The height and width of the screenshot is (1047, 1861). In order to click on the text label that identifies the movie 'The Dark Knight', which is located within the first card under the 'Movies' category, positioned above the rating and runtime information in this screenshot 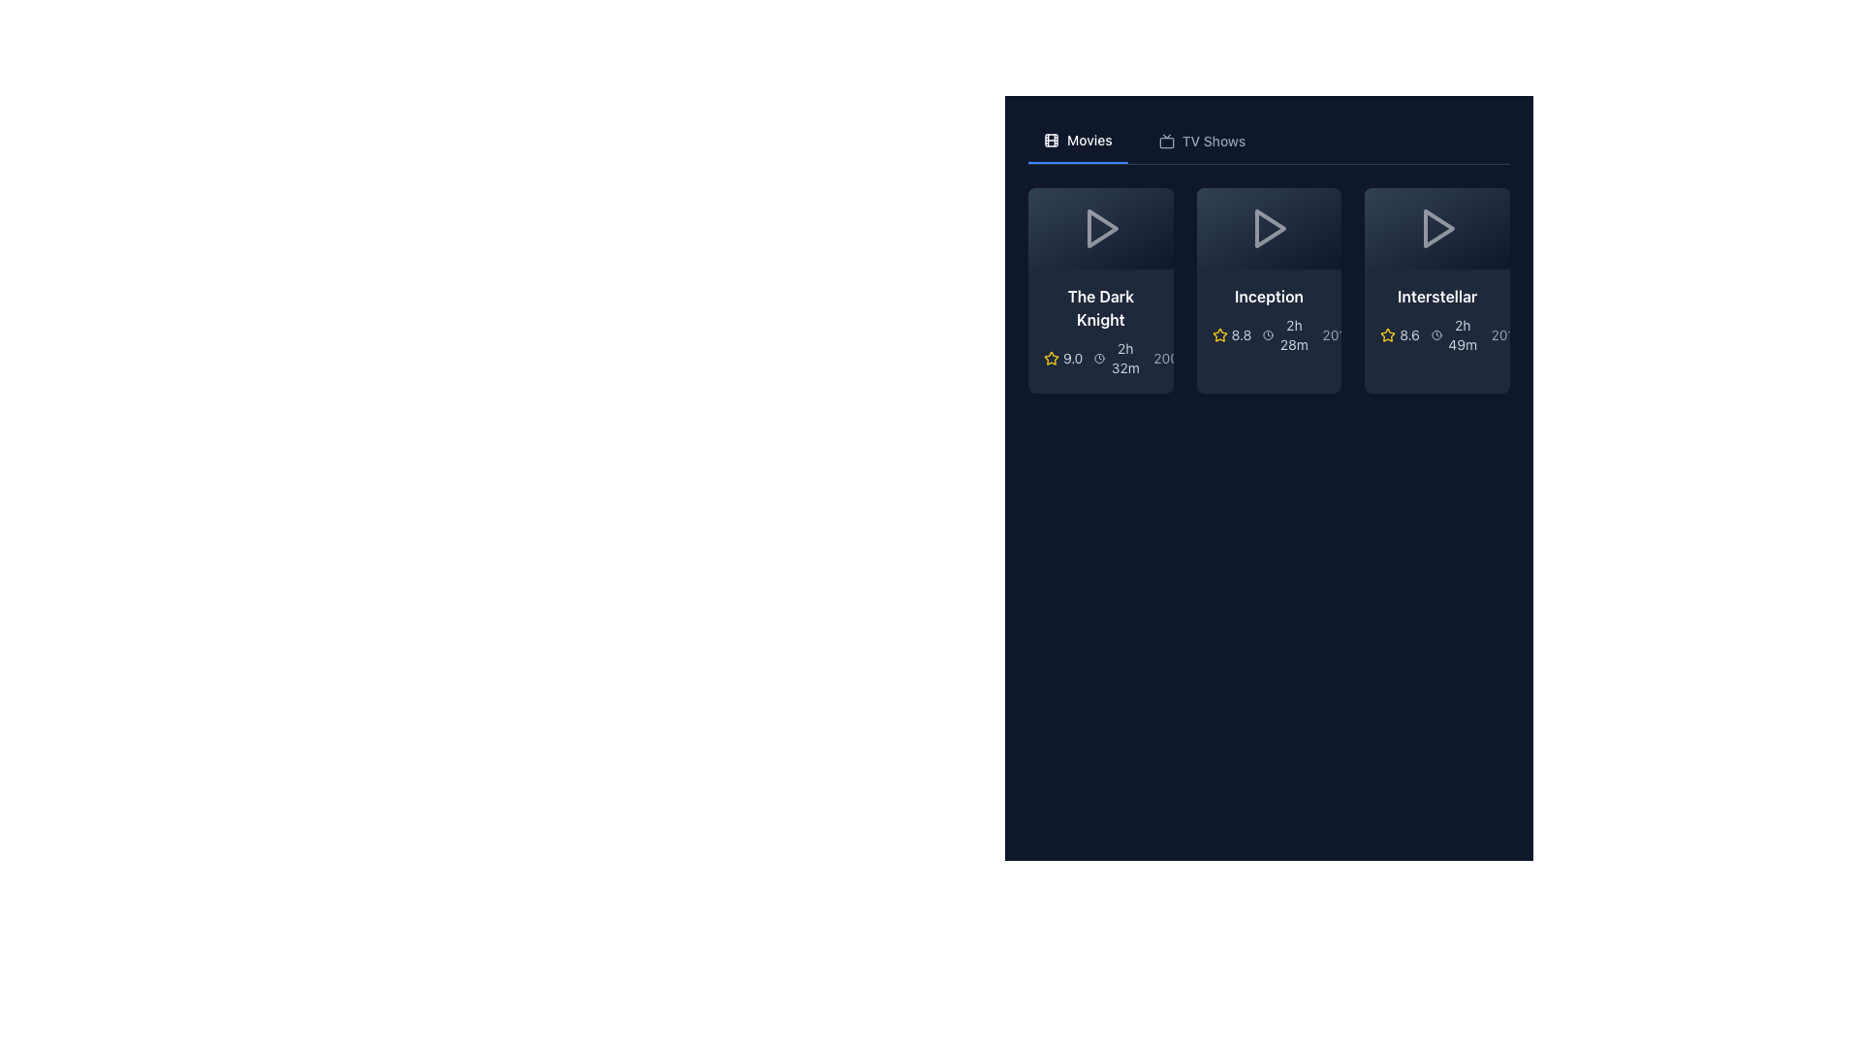, I will do `click(1100, 307)`.